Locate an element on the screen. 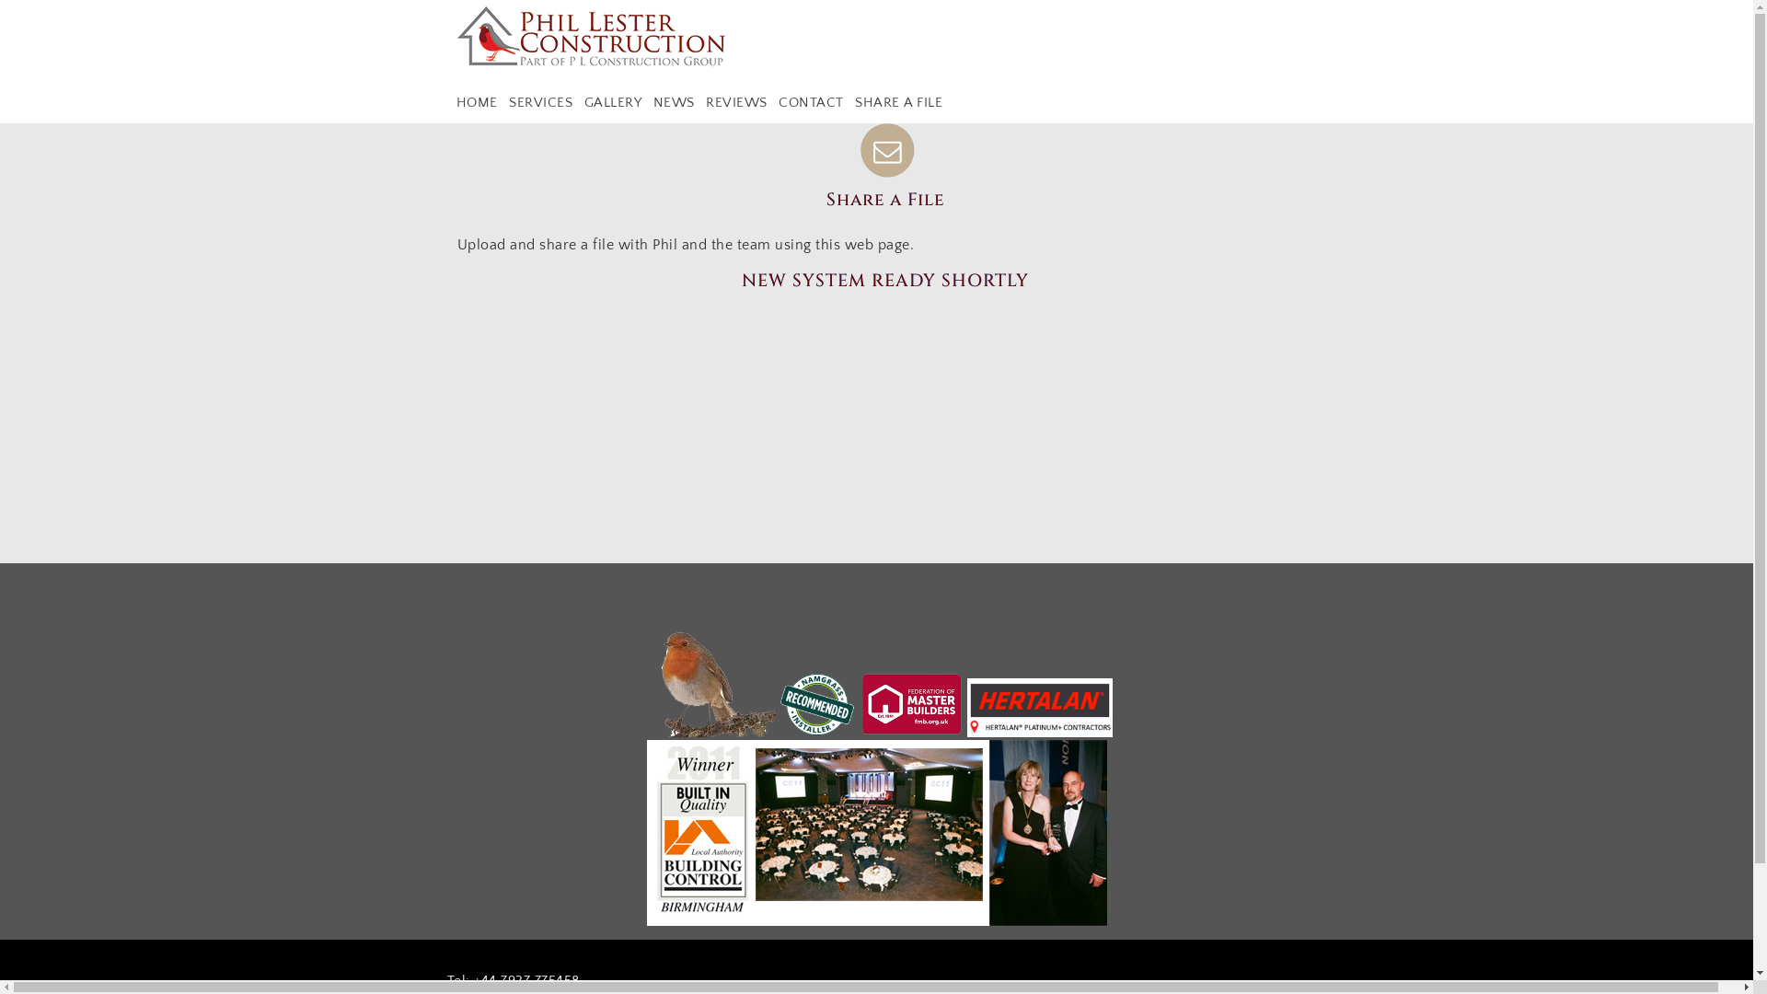  'CONTACT' is located at coordinates (810, 102).